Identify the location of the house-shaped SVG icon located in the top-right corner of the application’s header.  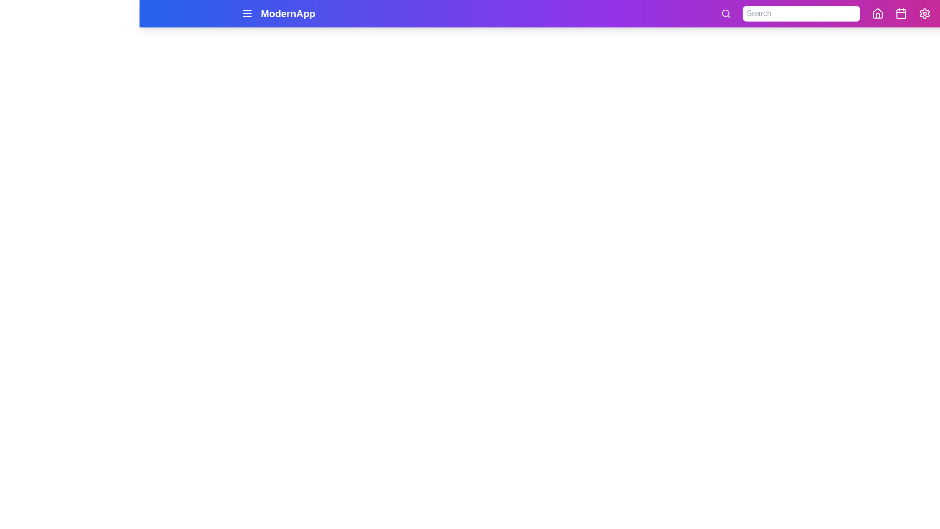
(878, 13).